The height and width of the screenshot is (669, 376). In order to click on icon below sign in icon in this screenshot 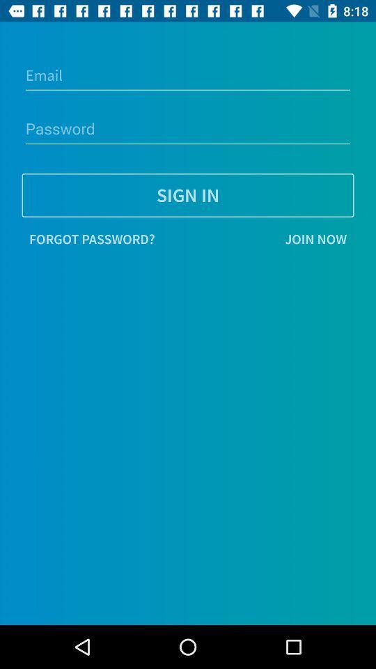, I will do `click(92, 239)`.